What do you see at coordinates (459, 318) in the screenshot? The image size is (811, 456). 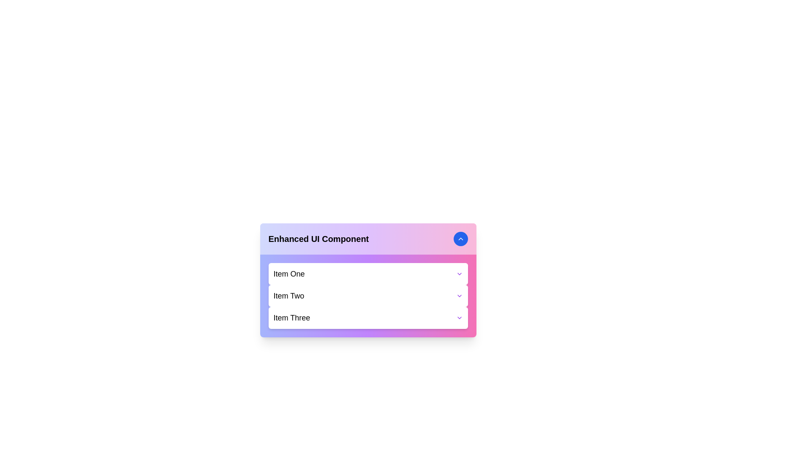 I see `the dropdown arrow/icon next to 'Item Three'` at bounding box center [459, 318].